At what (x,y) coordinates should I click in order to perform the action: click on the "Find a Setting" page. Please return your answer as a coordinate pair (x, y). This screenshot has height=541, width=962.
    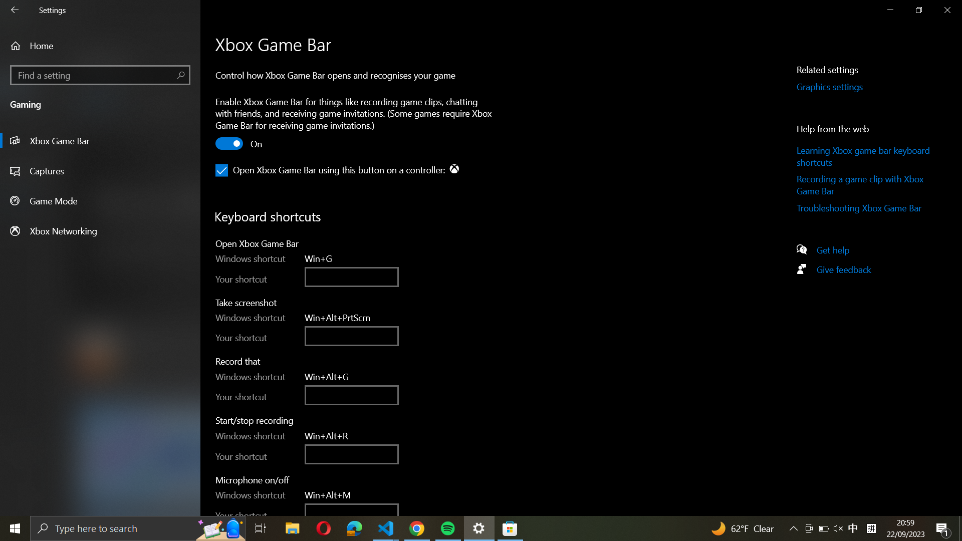
    Looking at the image, I should click on (100, 75).